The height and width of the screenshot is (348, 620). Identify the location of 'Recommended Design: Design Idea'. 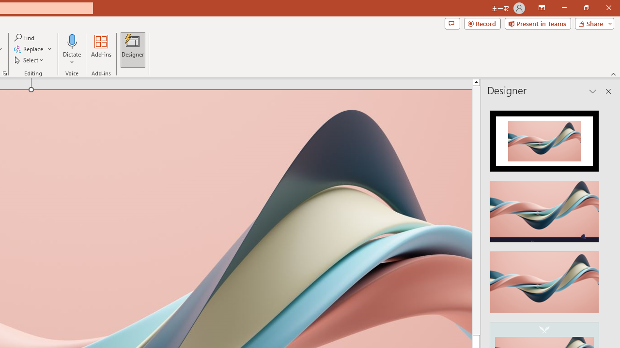
(544, 138).